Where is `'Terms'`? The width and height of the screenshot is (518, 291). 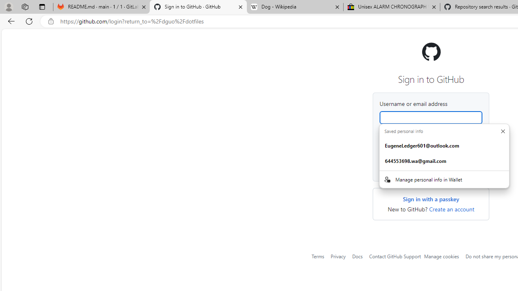
'Terms' is located at coordinates (318, 256).